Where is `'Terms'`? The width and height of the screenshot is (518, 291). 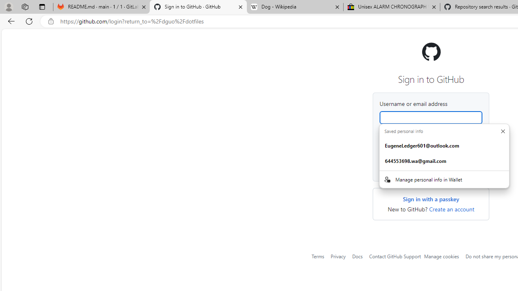
'Terms' is located at coordinates (318, 256).